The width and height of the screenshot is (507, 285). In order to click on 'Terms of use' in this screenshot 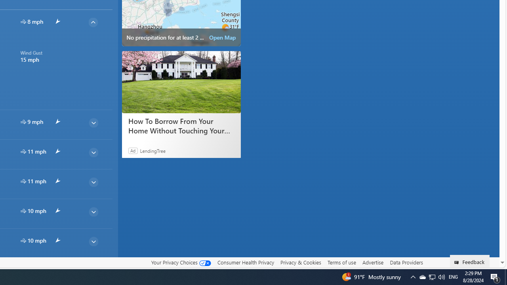, I will do `click(341, 262)`.